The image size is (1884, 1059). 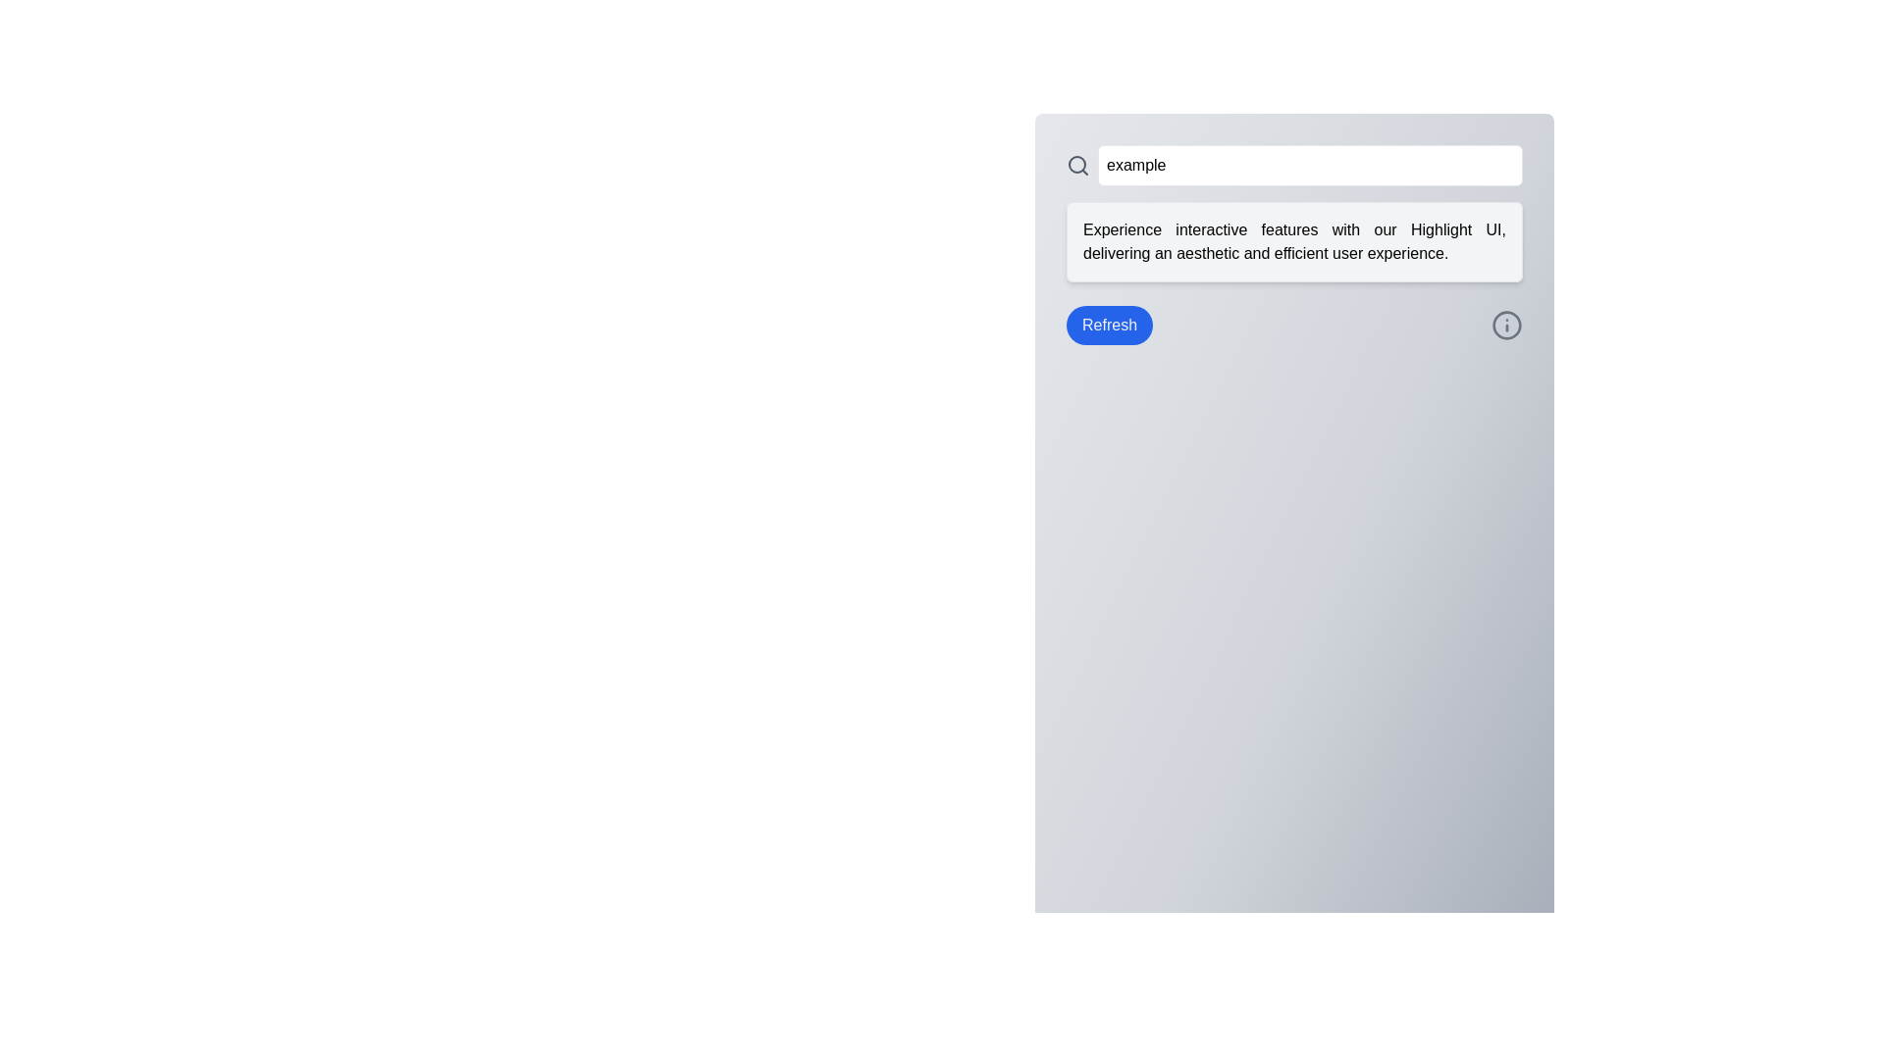 I want to click on the search icon located at the left edge of the search bar, so click(x=1077, y=165).